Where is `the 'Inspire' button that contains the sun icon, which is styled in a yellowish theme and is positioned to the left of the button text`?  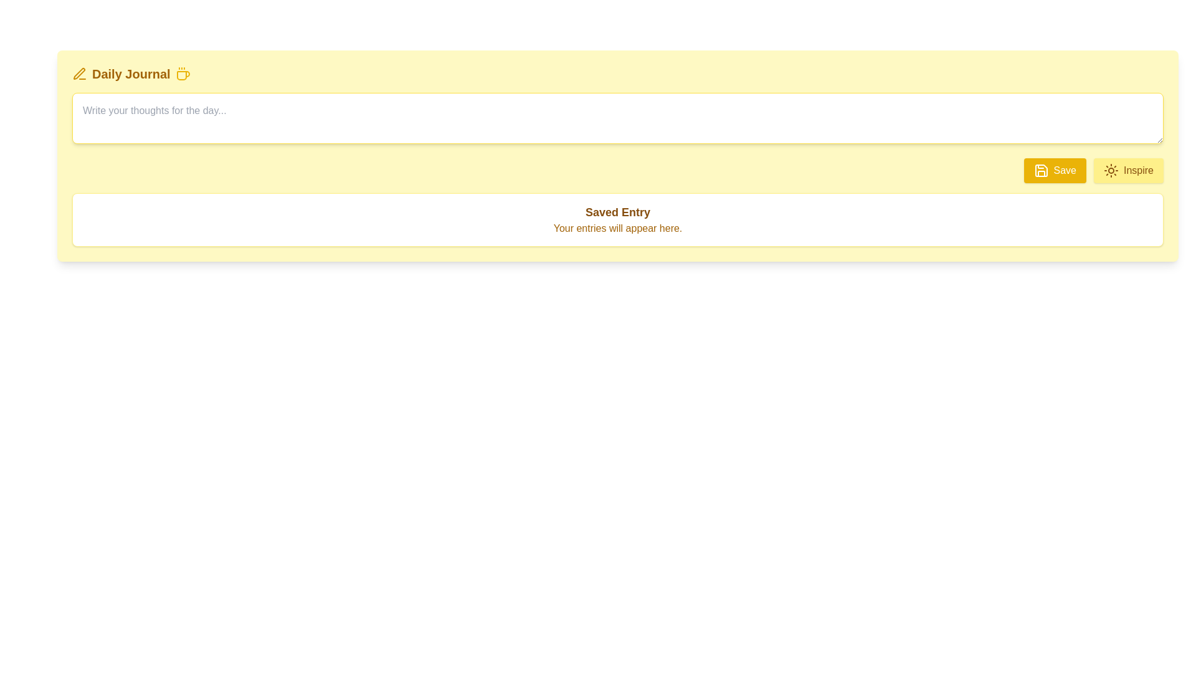 the 'Inspire' button that contains the sun icon, which is styled in a yellowish theme and is positioned to the left of the button text is located at coordinates (1111, 170).